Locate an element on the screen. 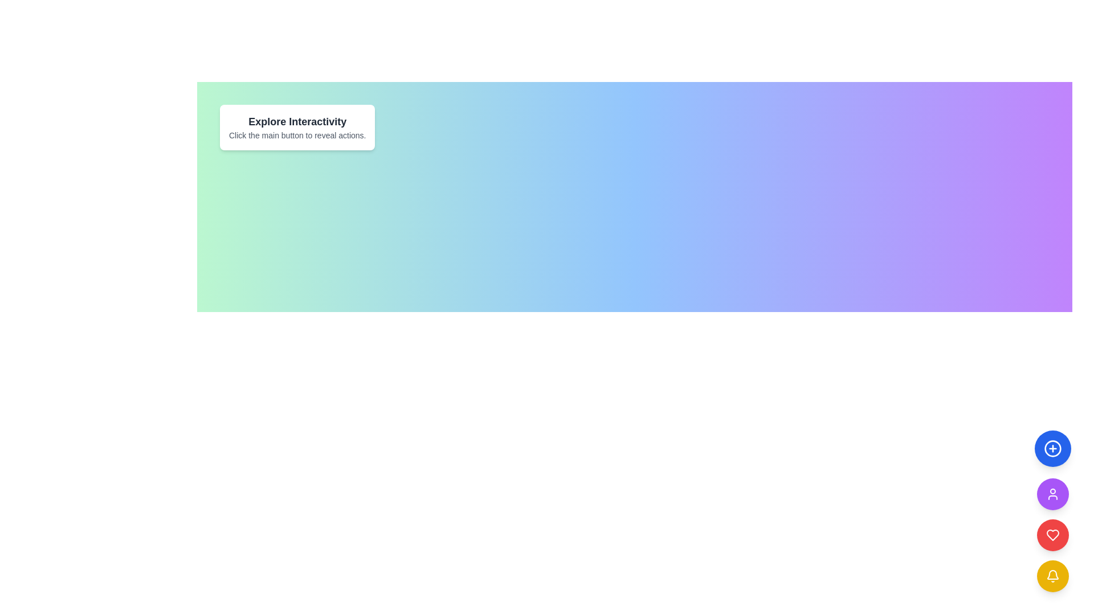 This screenshot has height=615, width=1094. the heart icon button is located at coordinates (1052, 535).